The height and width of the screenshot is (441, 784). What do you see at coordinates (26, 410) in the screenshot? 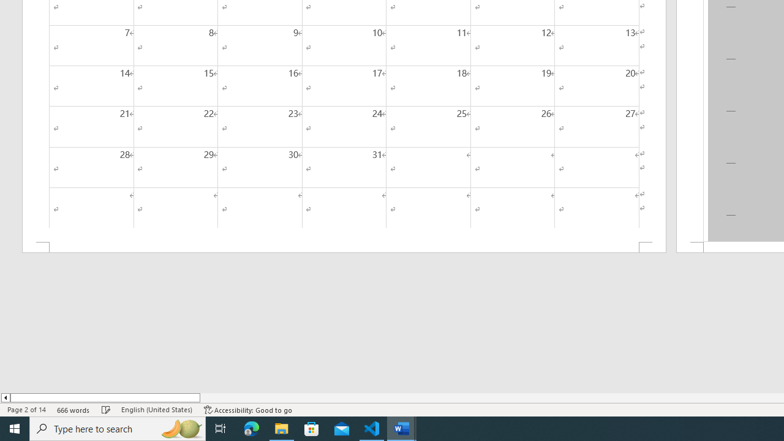
I see `'Page Number Page 2 of 14'` at bounding box center [26, 410].